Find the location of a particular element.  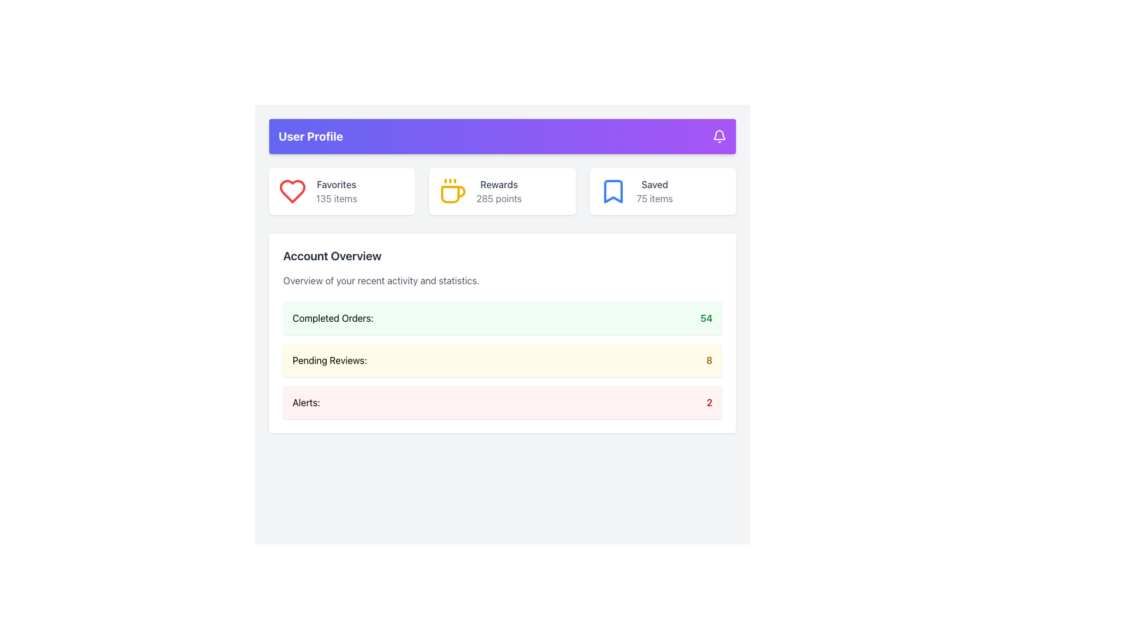

the saved items icon located is located at coordinates (612, 191).